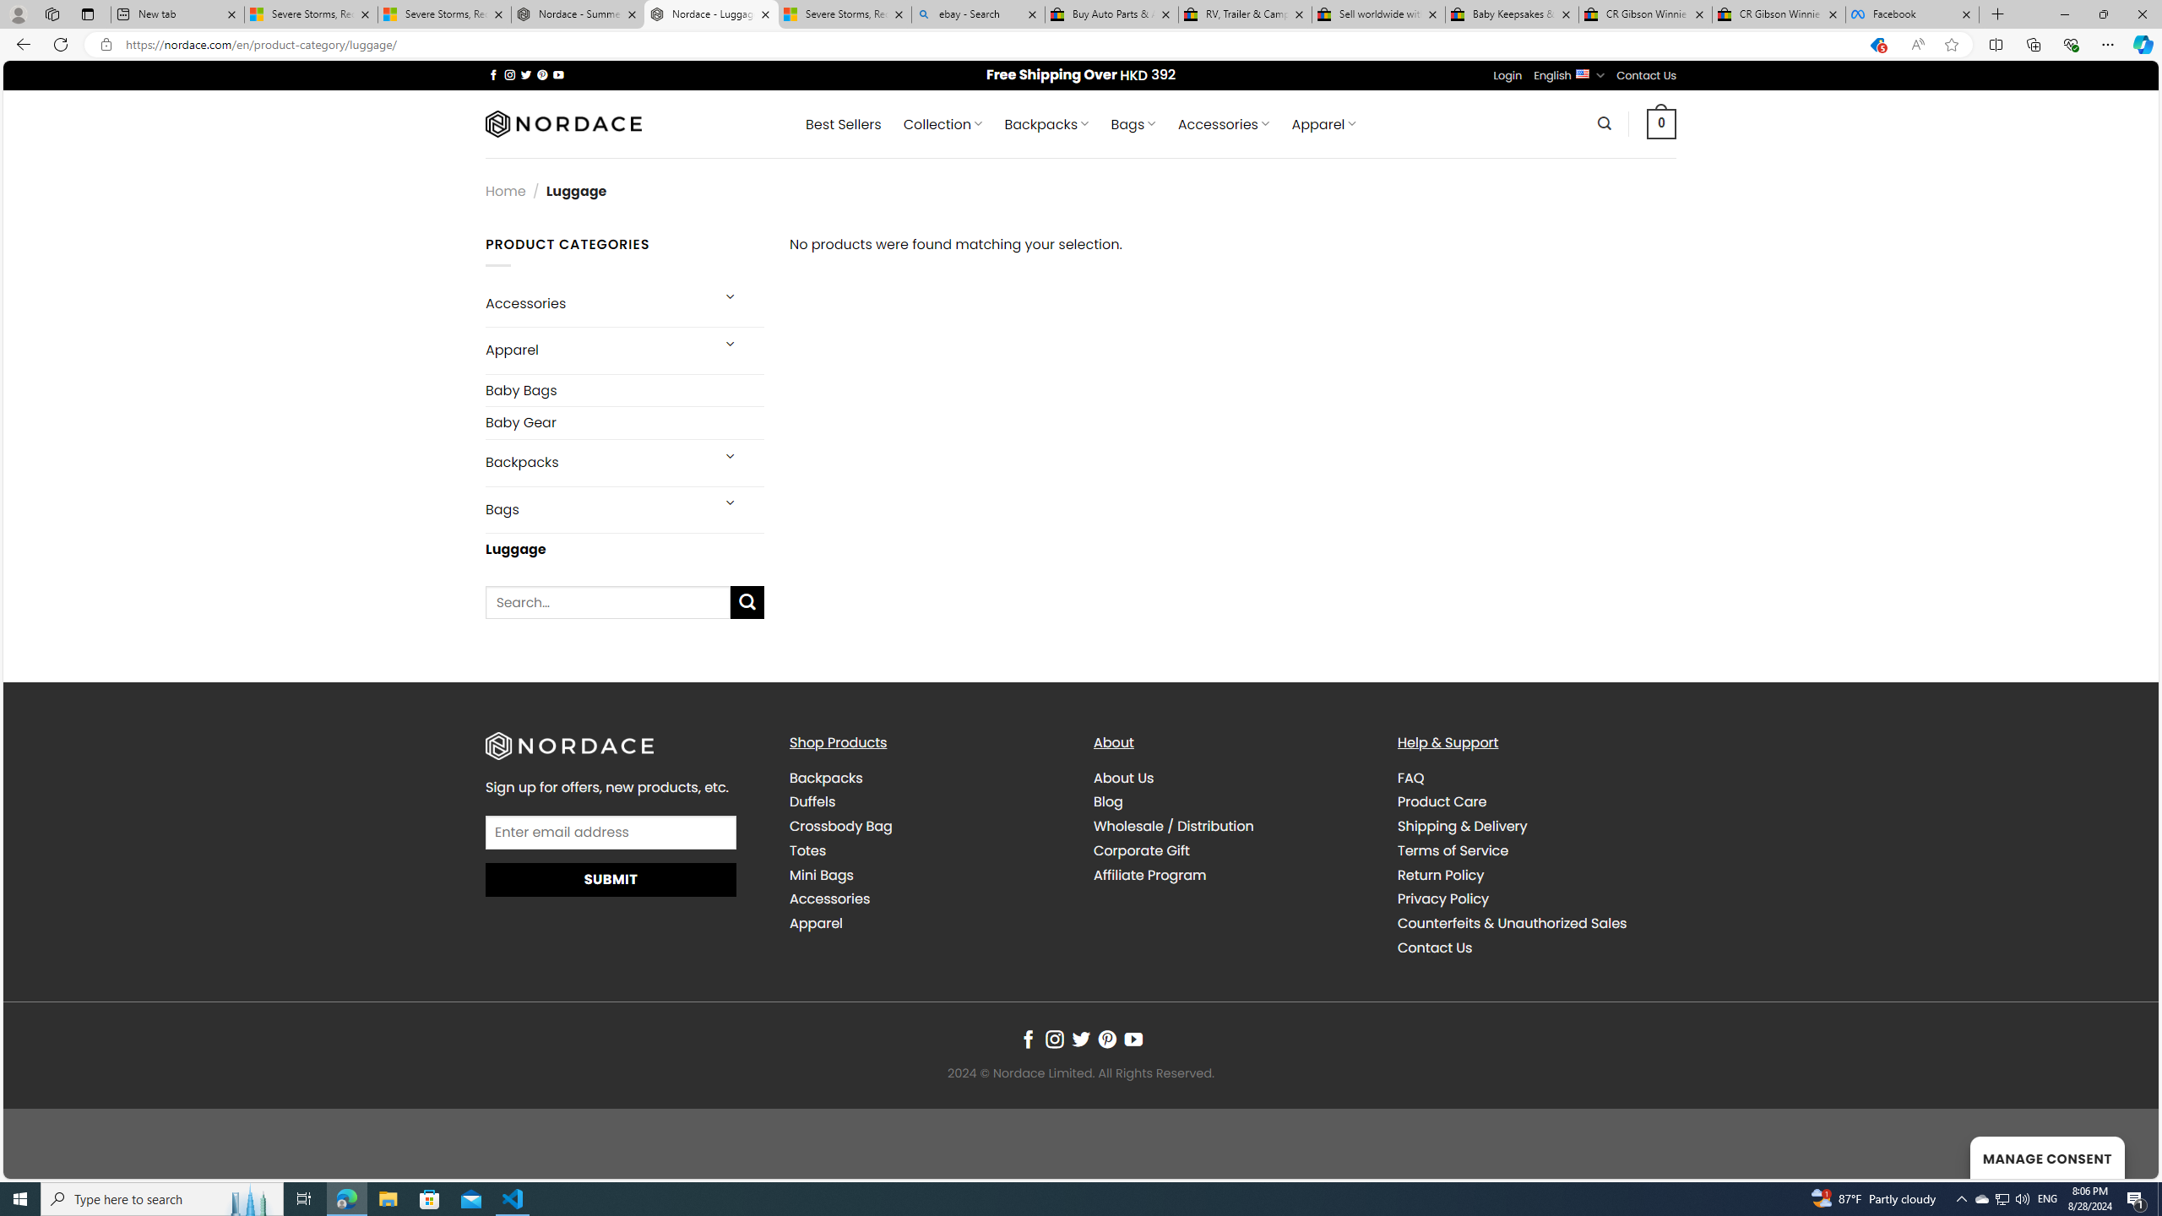 This screenshot has width=2162, height=1216. What do you see at coordinates (1535, 874) in the screenshot?
I see `'Return Policy'` at bounding box center [1535, 874].